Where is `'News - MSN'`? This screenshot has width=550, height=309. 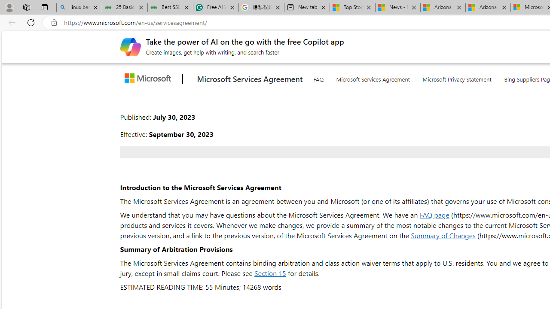 'News - MSN' is located at coordinates (397, 7).